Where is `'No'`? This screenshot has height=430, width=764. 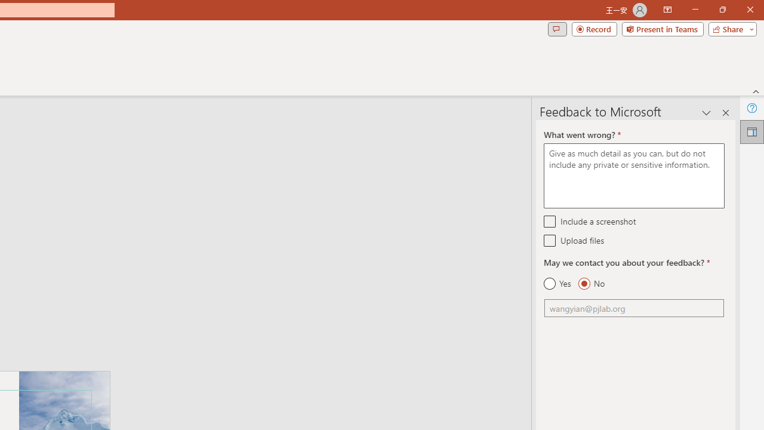
'No' is located at coordinates (591, 284).